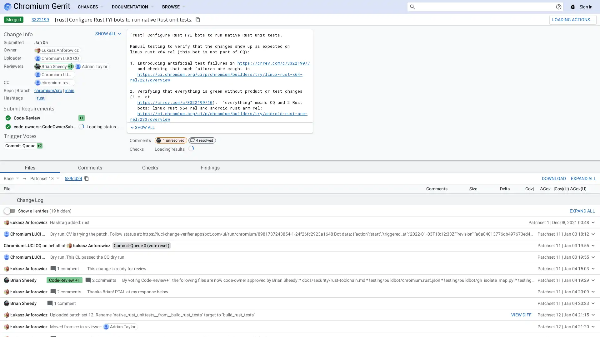 This screenshot has height=337, width=600. What do you see at coordinates (132, 7) in the screenshot?
I see `DOCUMENTATION` at bounding box center [132, 7].